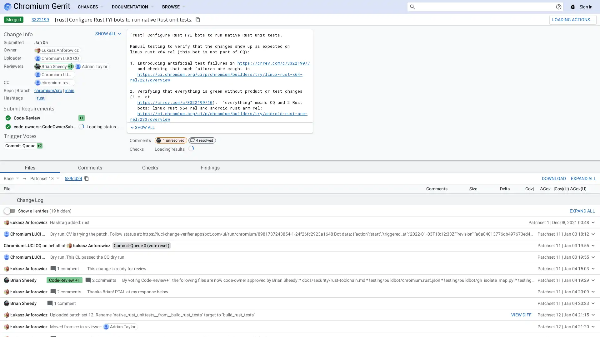 This screenshot has height=337, width=600. What do you see at coordinates (132, 7) in the screenshot?
I see `DOCUMENTATION` at bounding box center [132, 7].